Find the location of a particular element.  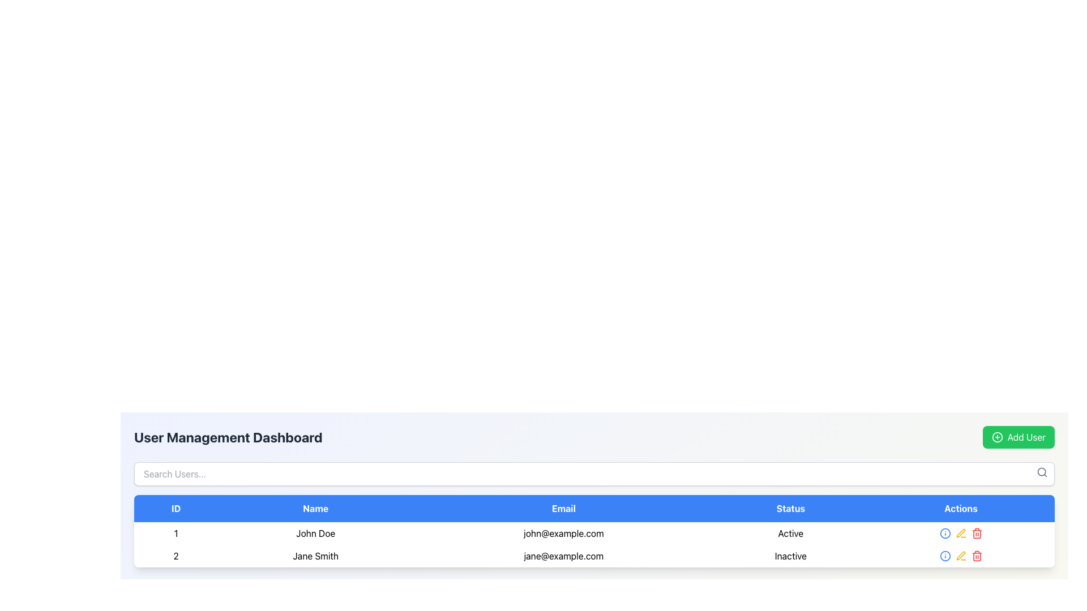

the text label displaying the email address for user 'Jane Smith', which is located in the 'Email' column of the table is located at coordinates (563, 556).